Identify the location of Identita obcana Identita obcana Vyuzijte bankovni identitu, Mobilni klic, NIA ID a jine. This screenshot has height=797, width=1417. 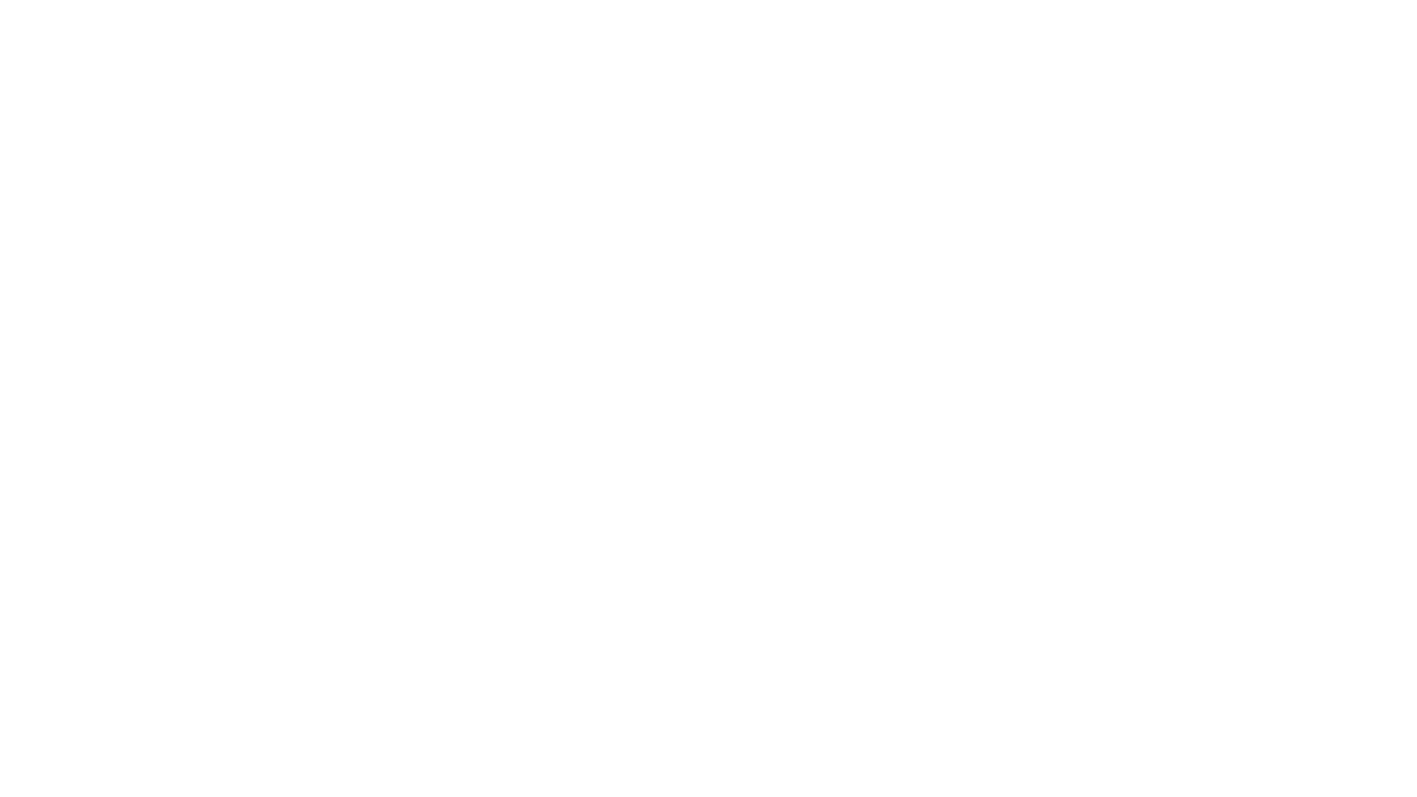
(506, 343).